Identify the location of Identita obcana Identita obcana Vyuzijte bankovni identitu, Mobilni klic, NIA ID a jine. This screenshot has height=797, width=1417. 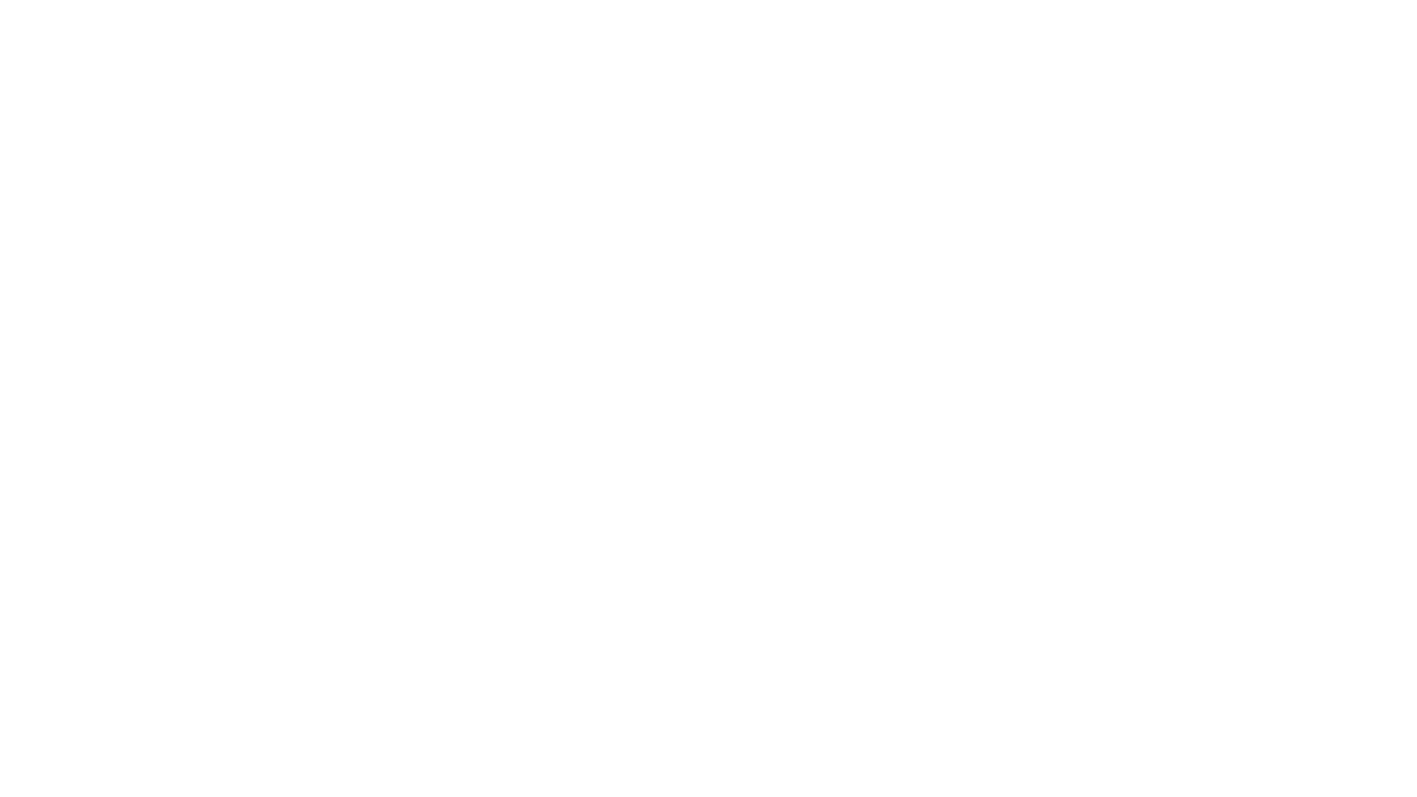
(506, 343).